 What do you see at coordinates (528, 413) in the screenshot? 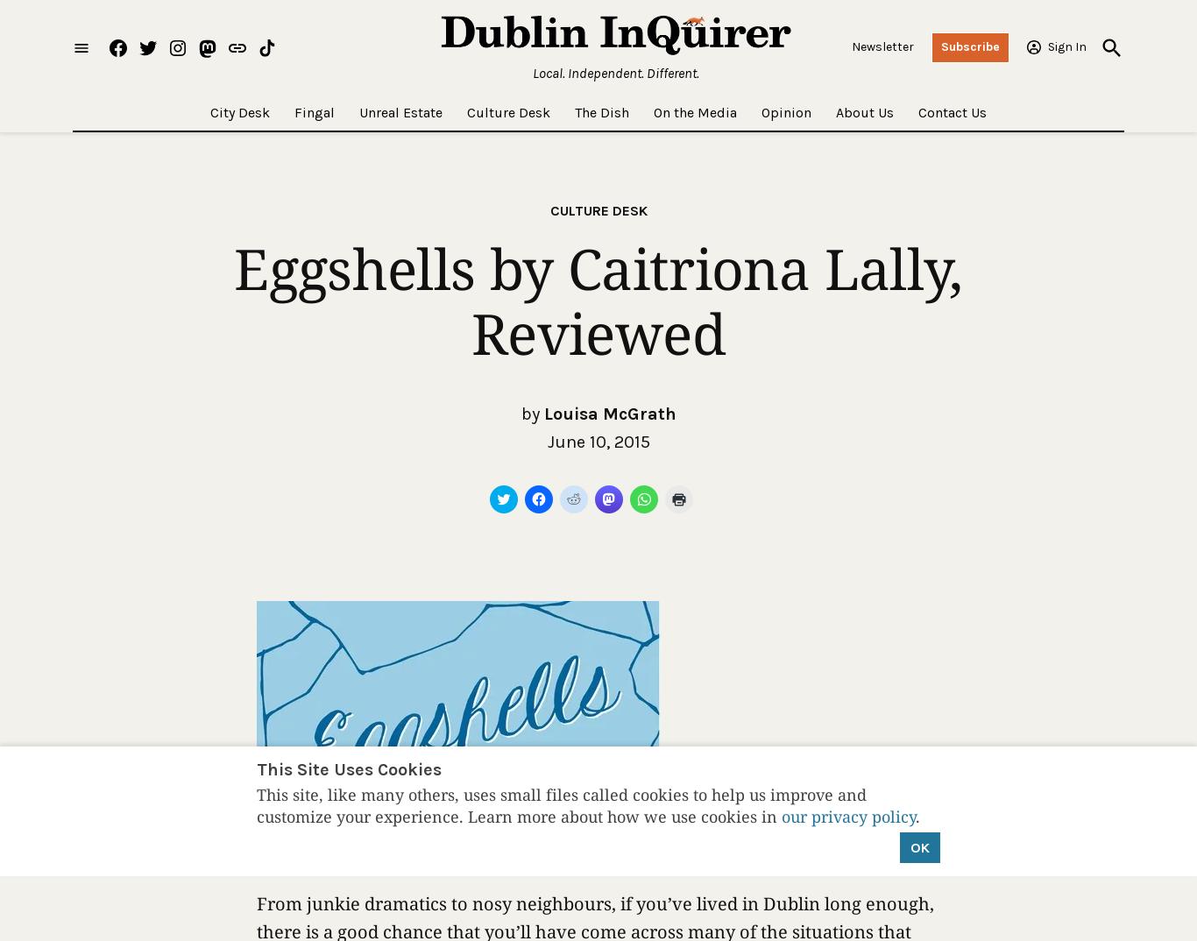
I see `'by'` at bounding box center [528, 413].